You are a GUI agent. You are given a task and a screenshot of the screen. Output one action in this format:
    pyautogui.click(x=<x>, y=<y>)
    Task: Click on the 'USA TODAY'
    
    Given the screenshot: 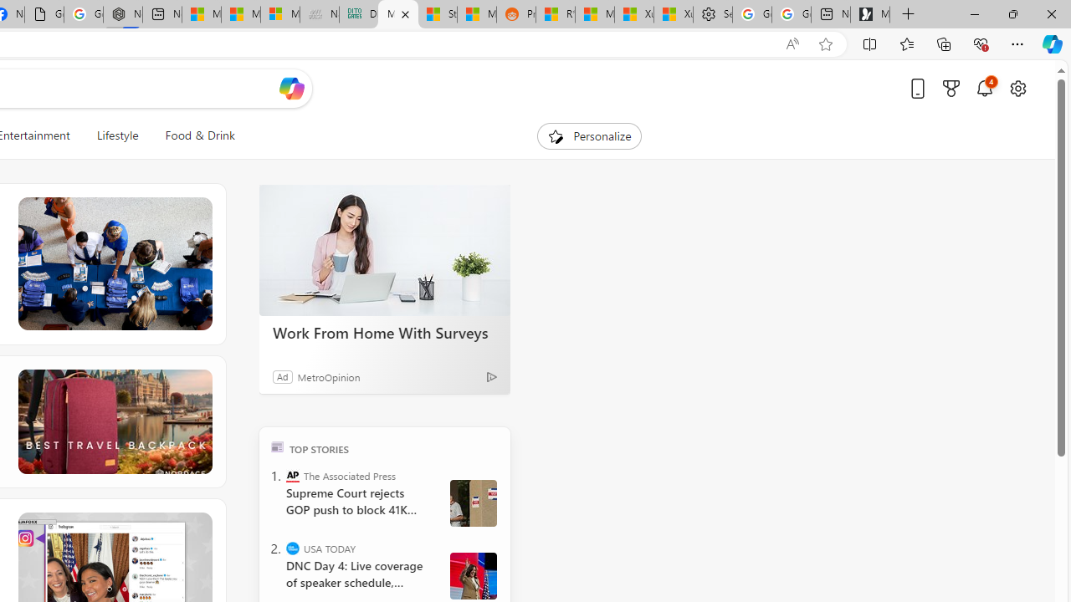 What is the action you would take?
    pyautogui.click(x=293, y=548)
    